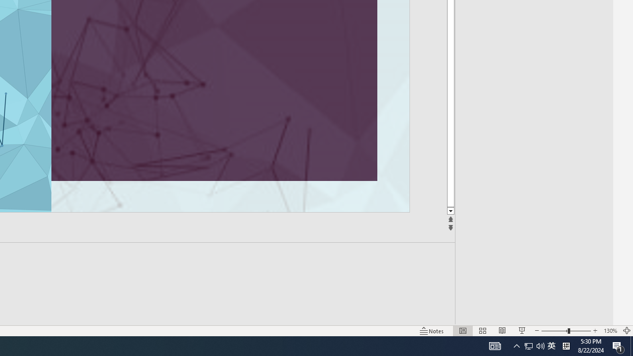  What do you see at coordinates (610, 331) in the screenshot?
I see `'Zoom 130%'` at bounding box center [610, 331].